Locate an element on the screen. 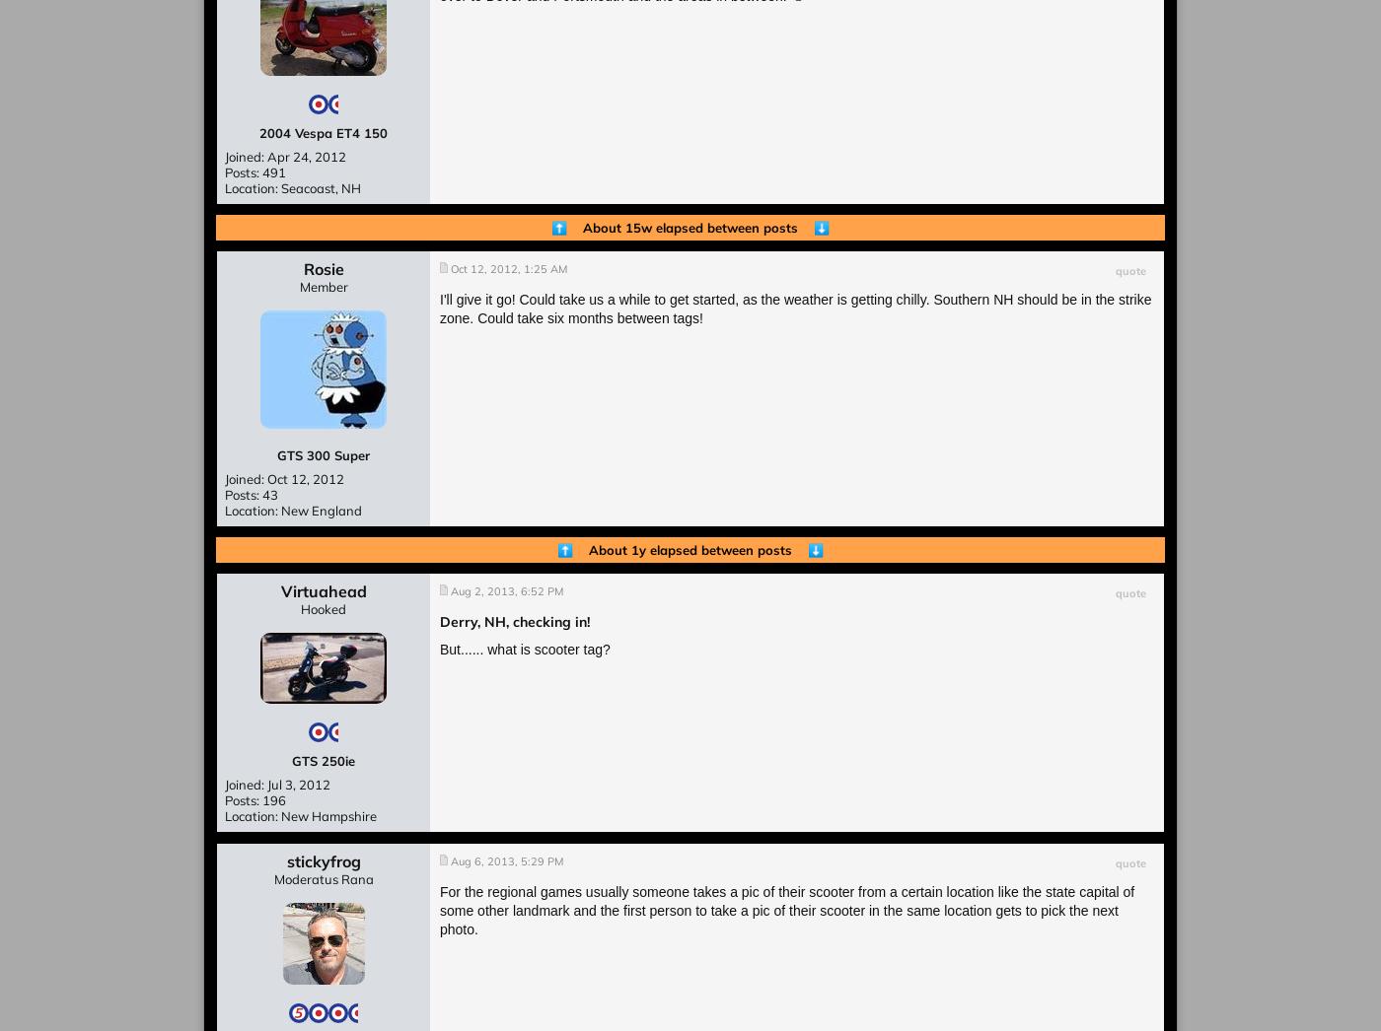 The image size is (1381, 1031). 'Rosie' is located at coordinates (303, 269).